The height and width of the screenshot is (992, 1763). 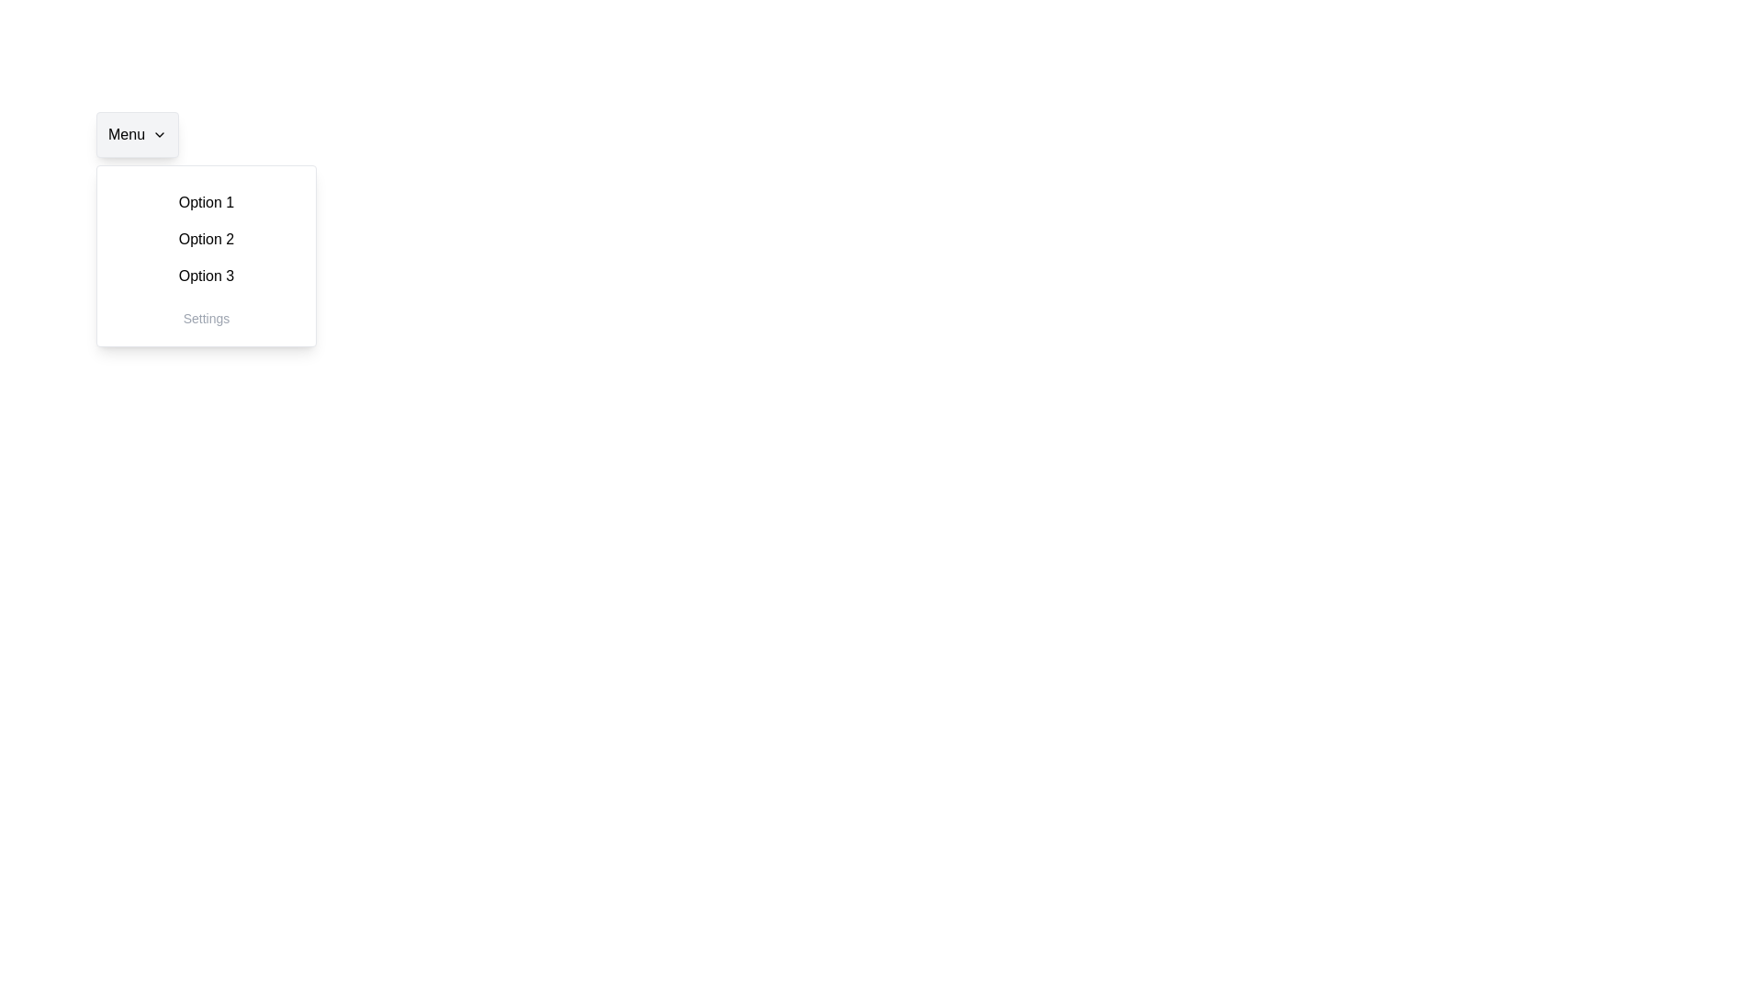 What do you see at coordinates (207, 255) in the screenshot?
I see `the dropdown menu option located below the 'Menu' button` at bounding box center [207, 255].